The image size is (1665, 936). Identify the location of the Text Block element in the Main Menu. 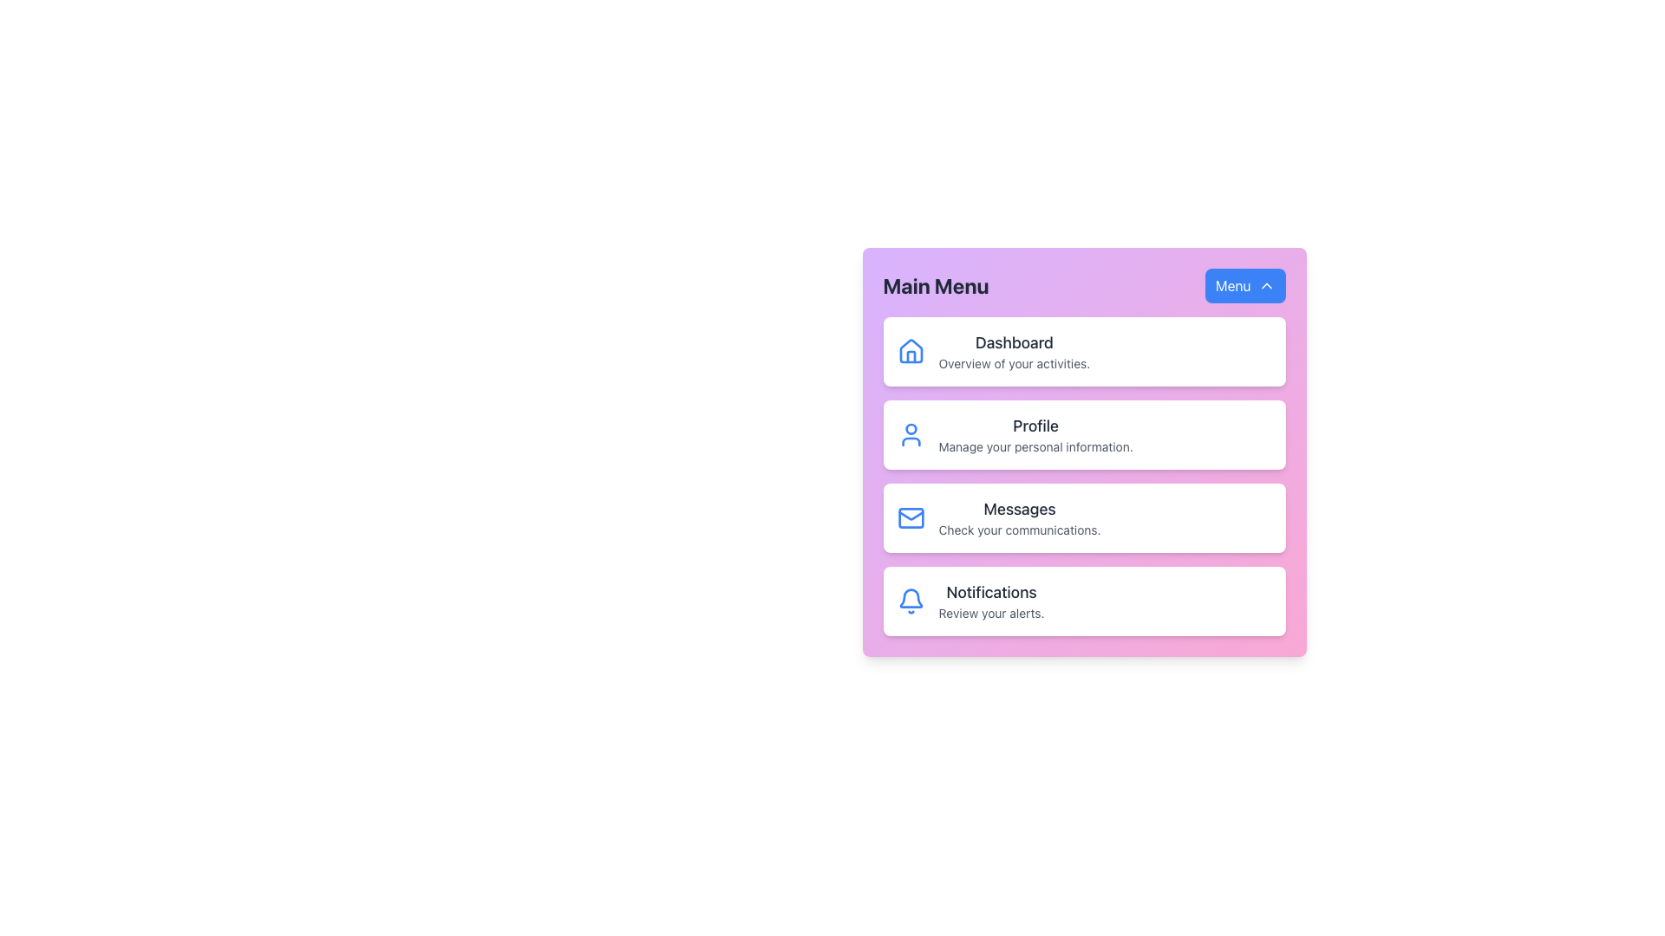
(1014, 351).